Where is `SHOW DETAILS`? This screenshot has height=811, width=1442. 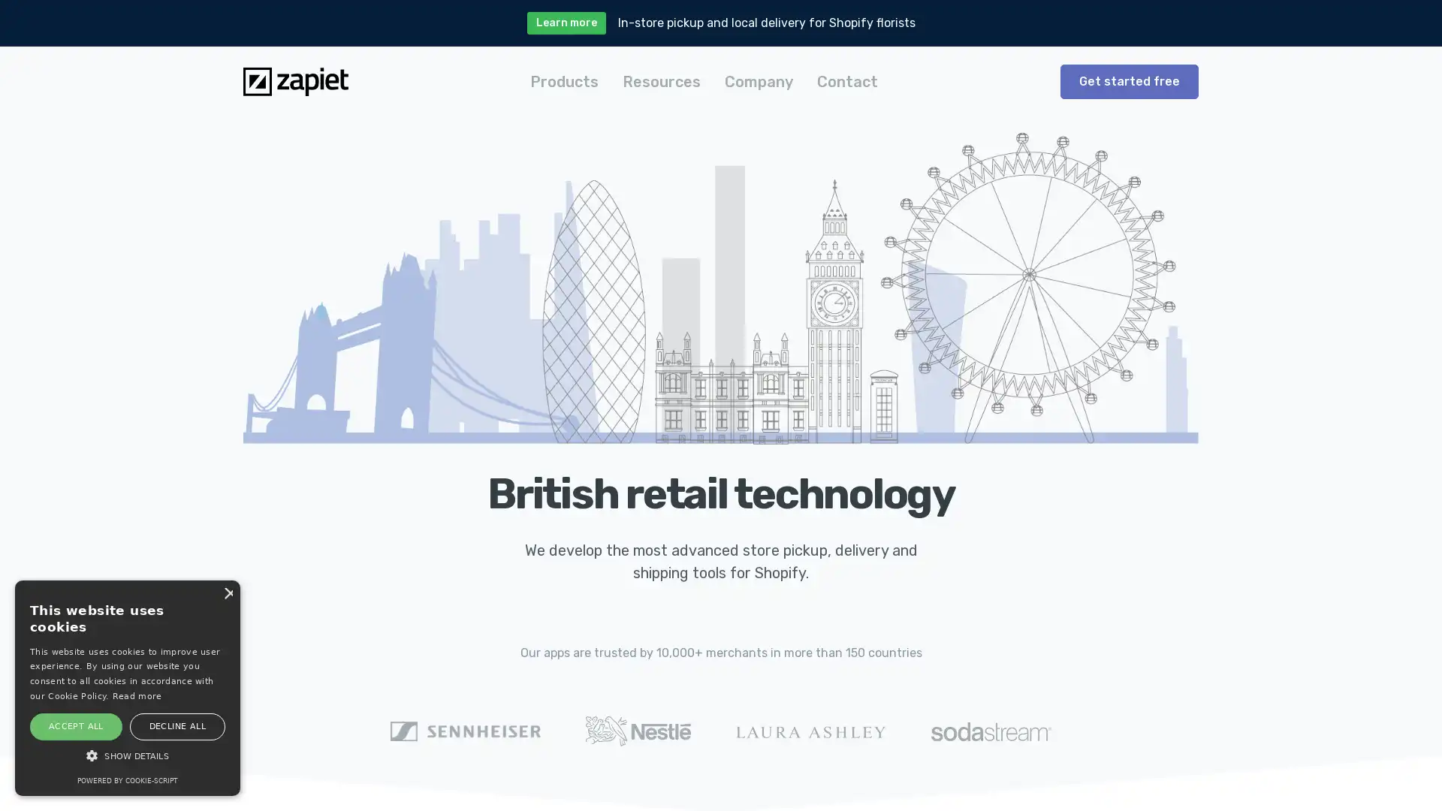
SHOW DETAILS is located at coordinates (127, 756).